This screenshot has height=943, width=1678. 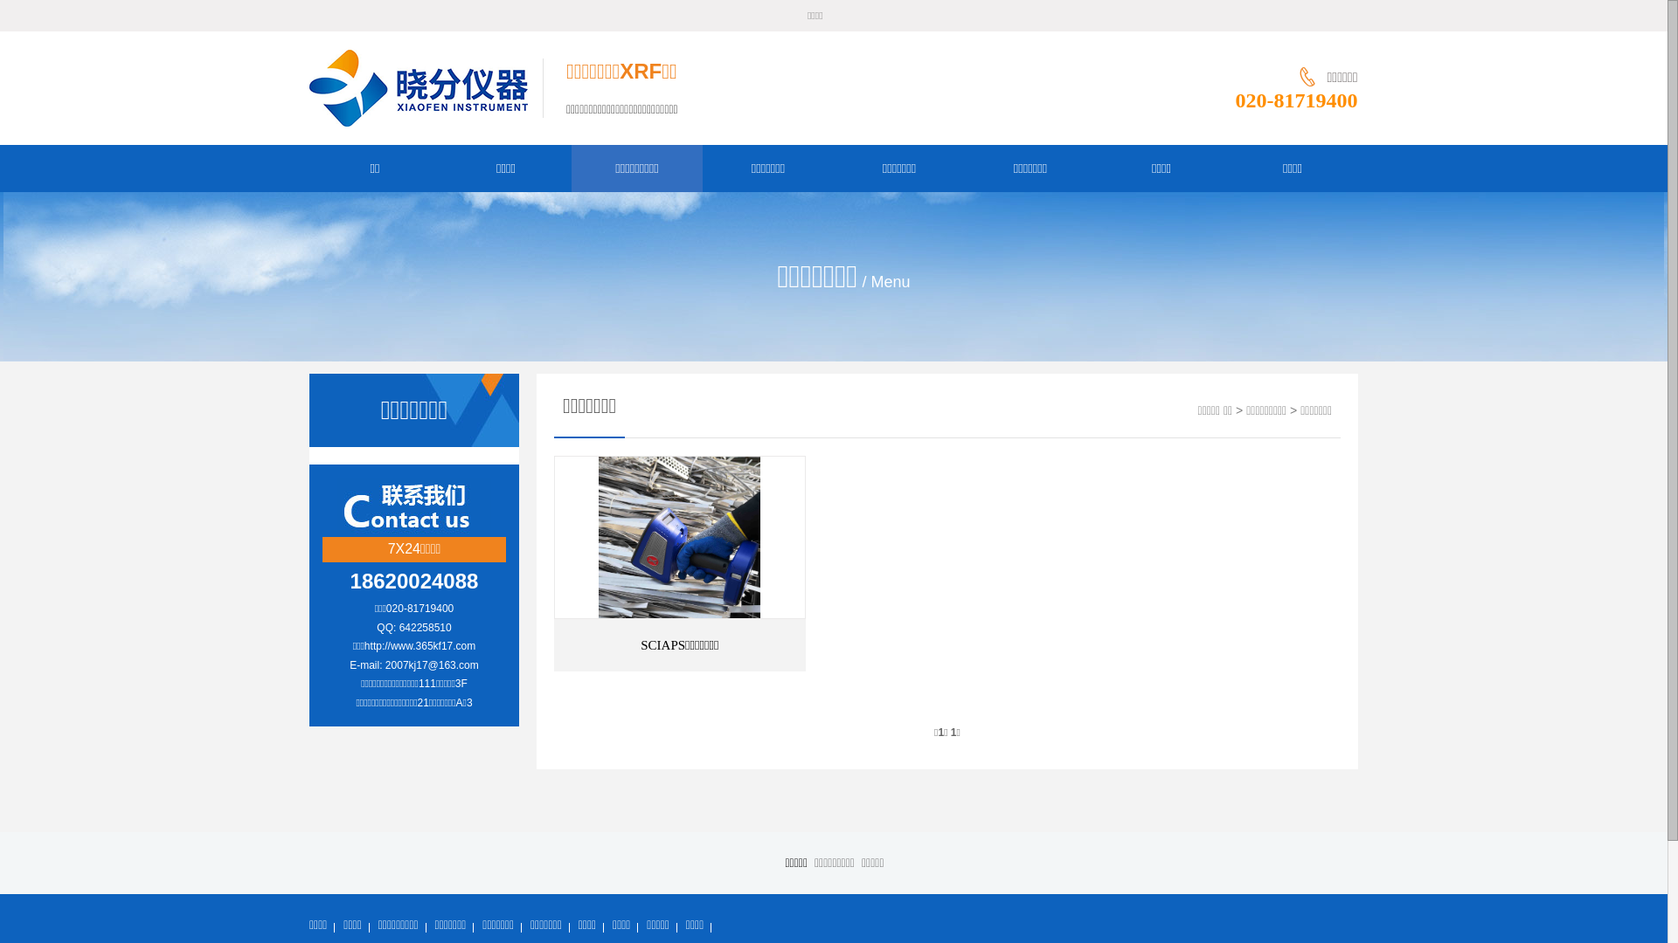 I want to click on '020-81719400', so click(x=1296, y=100).